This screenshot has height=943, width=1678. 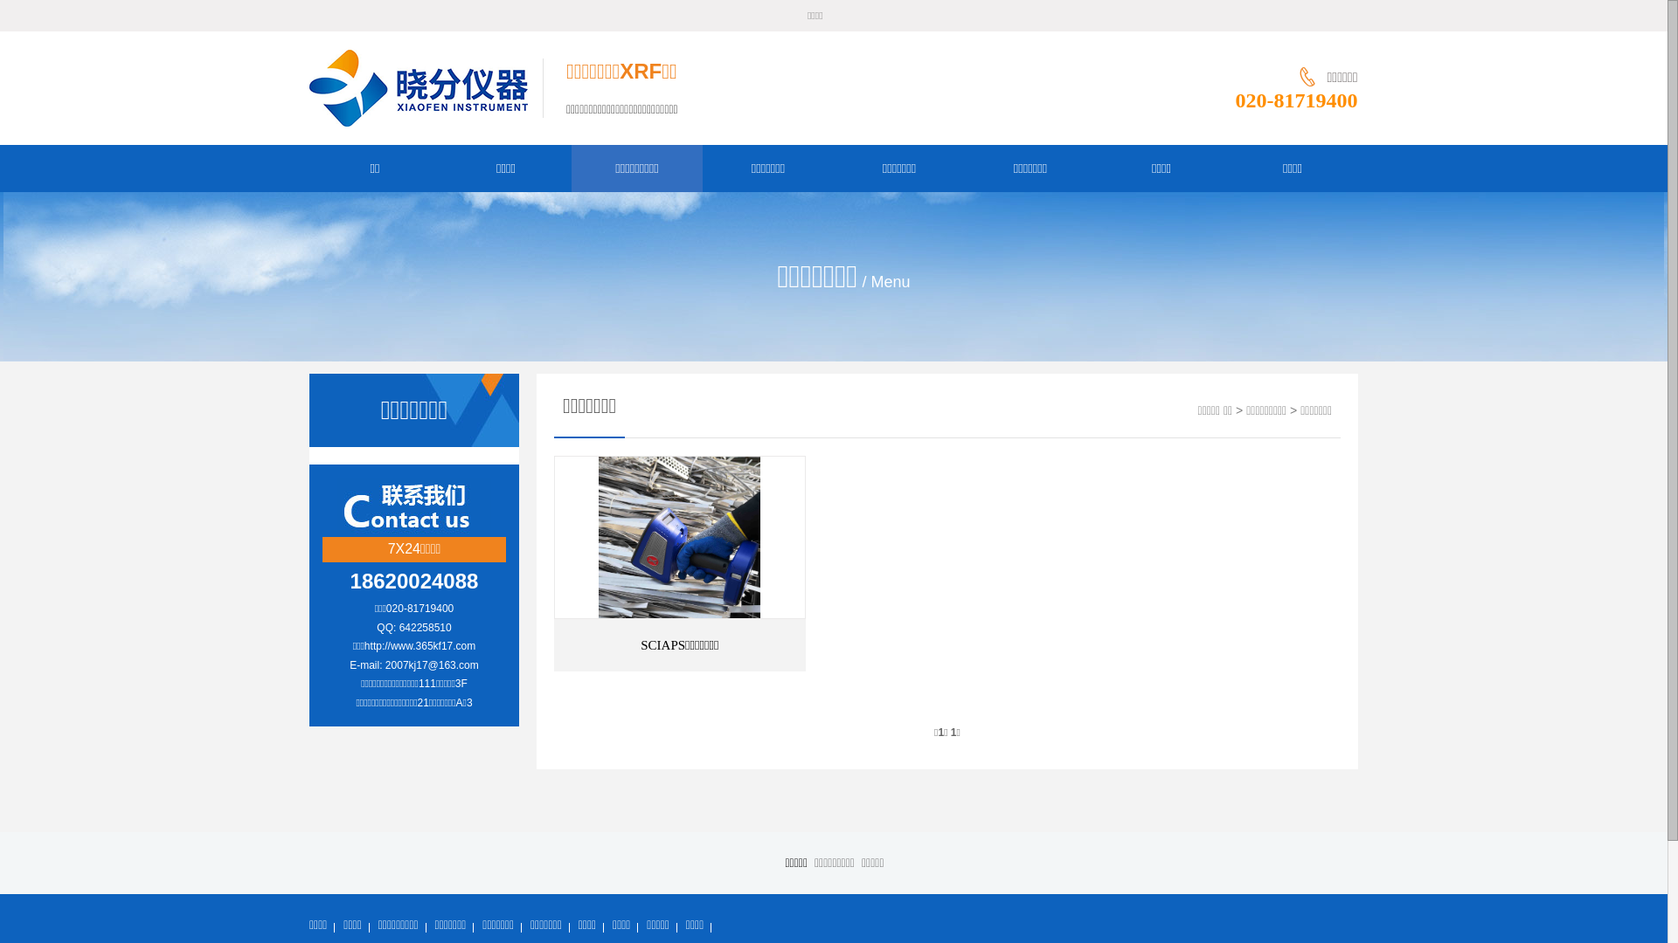 I want to click on '020-81719400', so click(x=1296, y=100).